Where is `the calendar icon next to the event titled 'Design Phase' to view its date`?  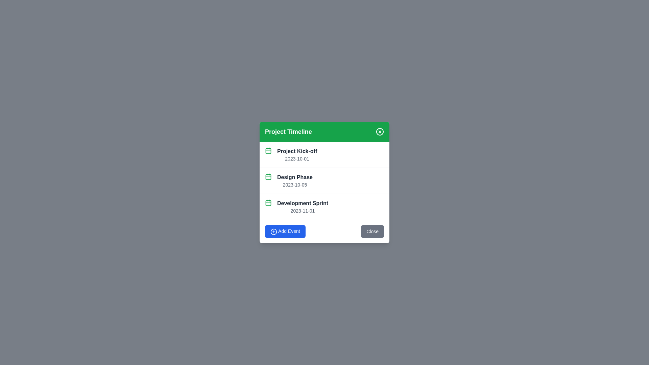
the calendar icon next to the event titled 'Design Phase' to view its date is located at coordinates (268, 176).